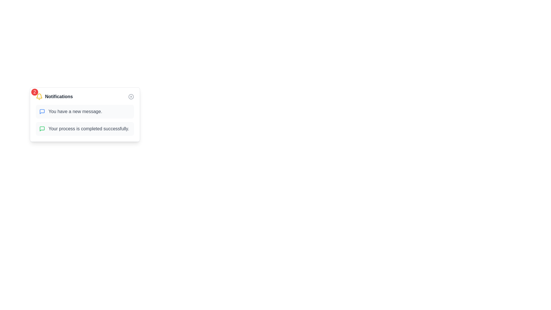 The height and width of the screenshot is (310, 551). What do you see at coordinates (42, 112) in the screenshot?
I see `the speech bubble icon with a blue outline associated with the notification message 'You have a new message.'` at bounding box center [42, 112].